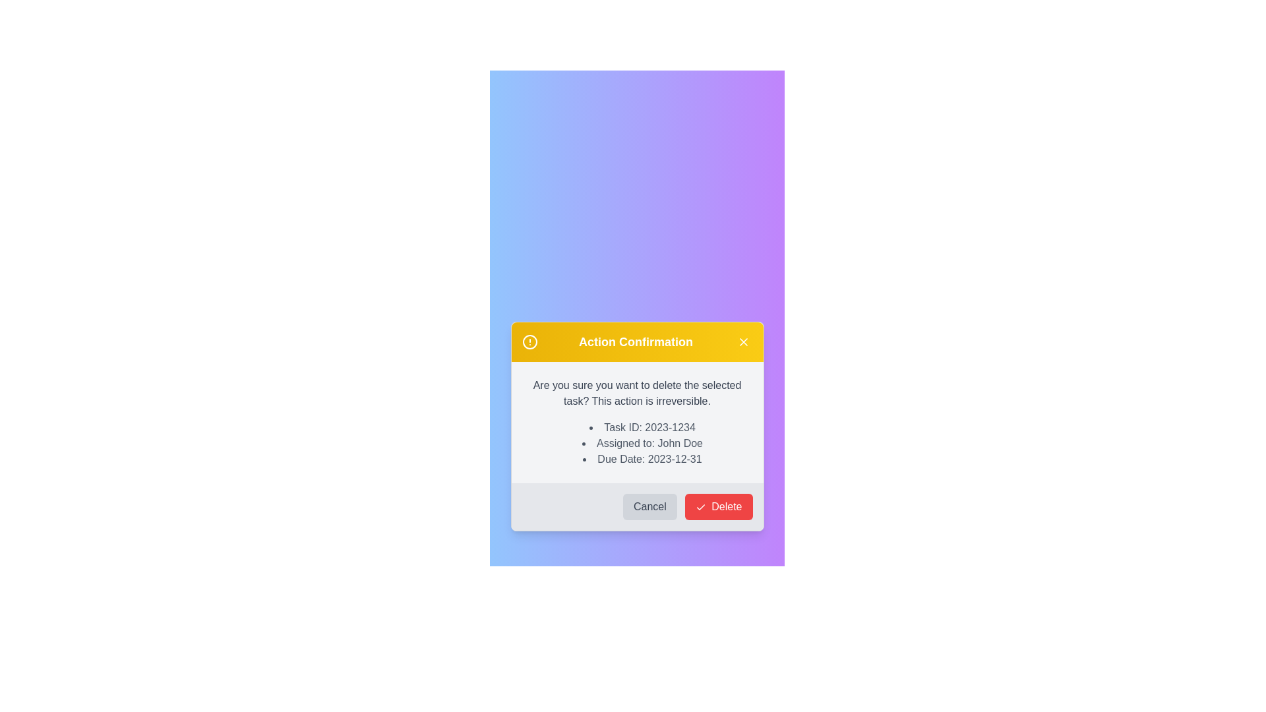 The width and height of the screenshot is (1266, 712). What do you see at coordinates (649, 506) in the screenshot?
I see `the cancel button located at the bottom left of the modal dialog box, which closes the dialog without applying changes` at bounding box center [649, 506].